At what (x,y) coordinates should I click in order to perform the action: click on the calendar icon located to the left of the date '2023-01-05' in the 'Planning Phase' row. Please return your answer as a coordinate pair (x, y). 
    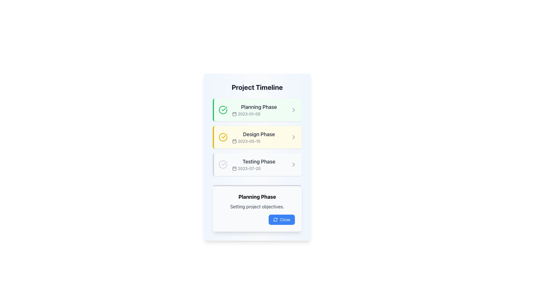
    Looking at the image, I should click on (234, 114).